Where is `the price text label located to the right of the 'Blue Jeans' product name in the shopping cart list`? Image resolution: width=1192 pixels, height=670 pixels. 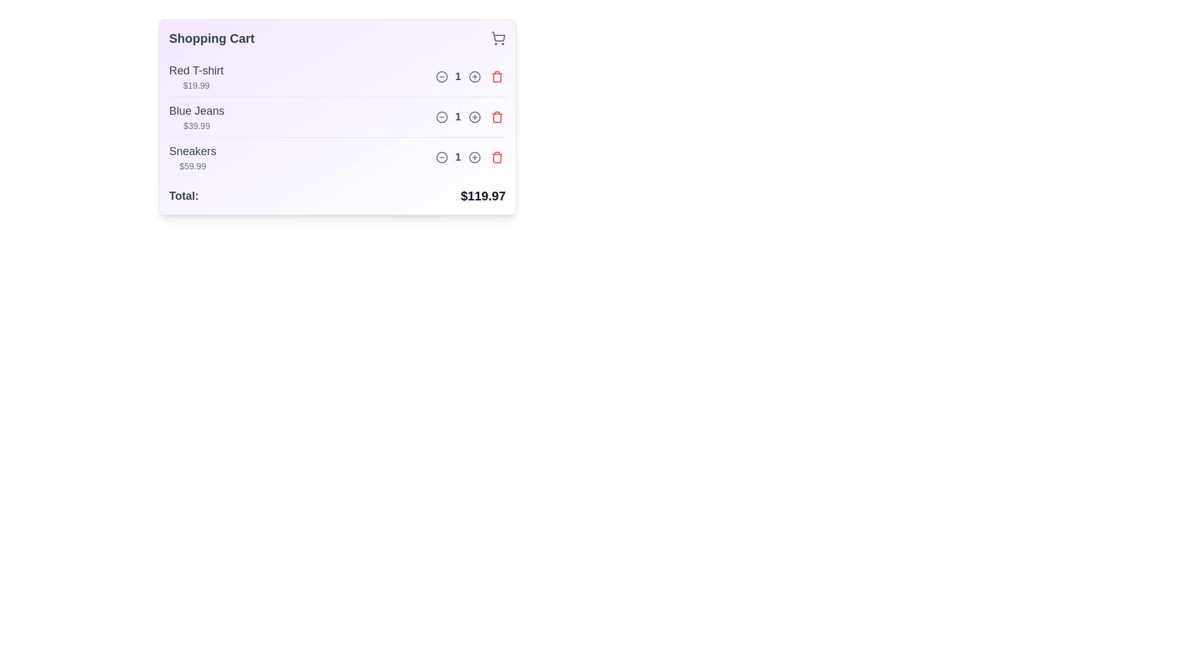
the price text label located to the right of the 'Blue Jeans' product name in the shopping cart list is located at coordinates (196, 126).